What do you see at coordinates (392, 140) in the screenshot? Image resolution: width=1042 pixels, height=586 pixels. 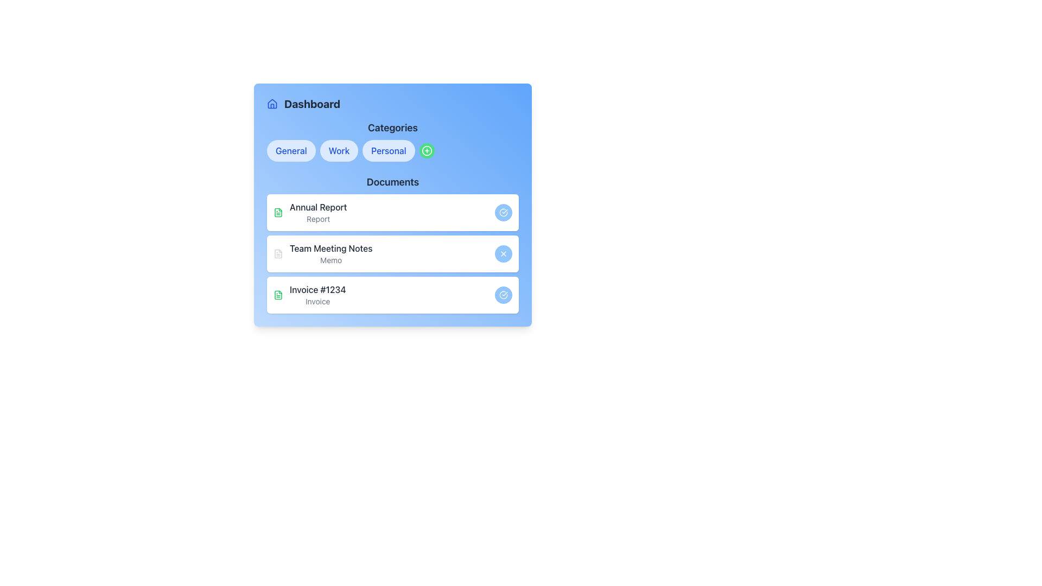 I see `the green circular button with a plus icon in the categorized navigation component labeled 'Categories'` at bounding box center [392, 140].